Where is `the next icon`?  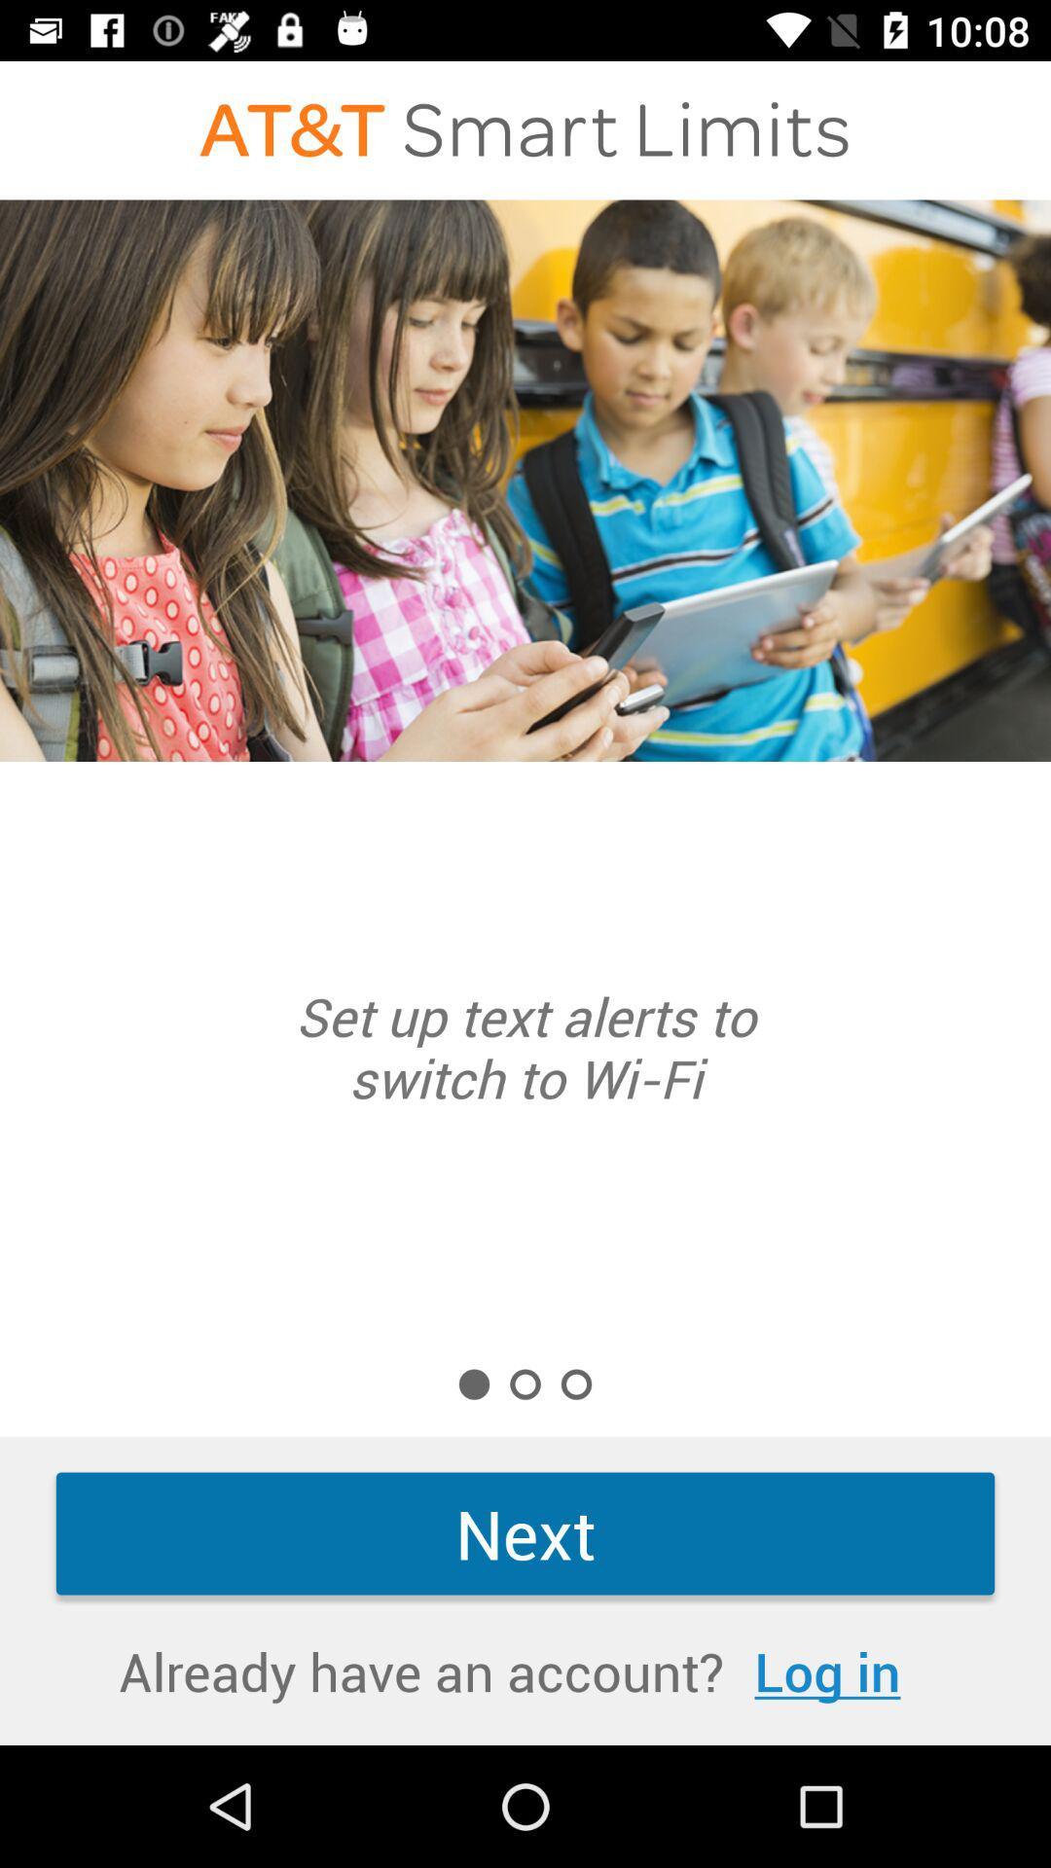
the next icon is located at coordinates (525, 1532).